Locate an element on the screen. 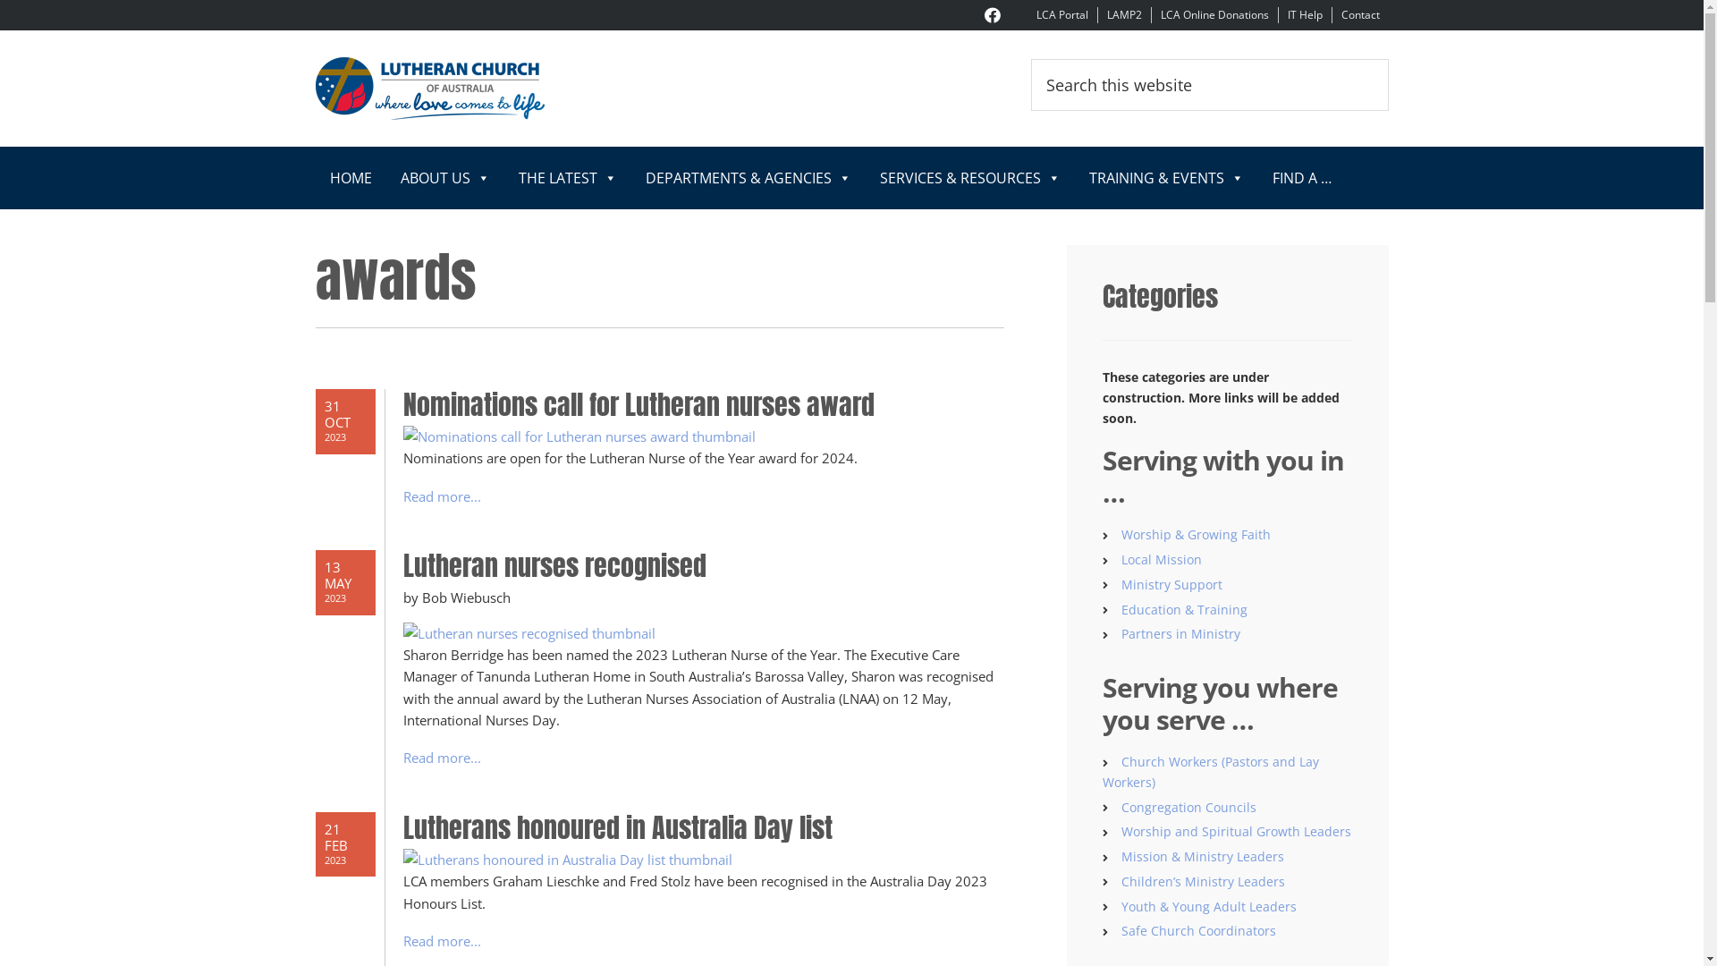 This screenshot has width=1717, height=966. 'Read more...' is located at coordinates (441, 496).